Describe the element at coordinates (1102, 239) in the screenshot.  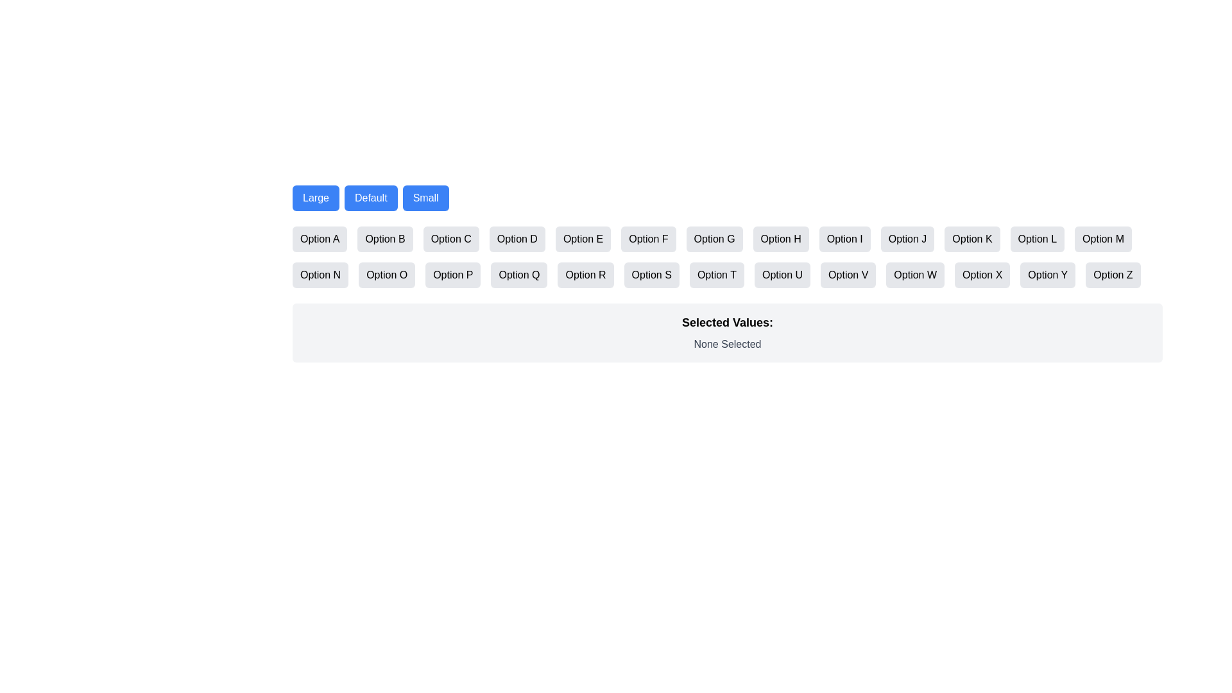
I see `the rectangular button labeled 'Option M' with rounded corners and a light gray background` at that location.